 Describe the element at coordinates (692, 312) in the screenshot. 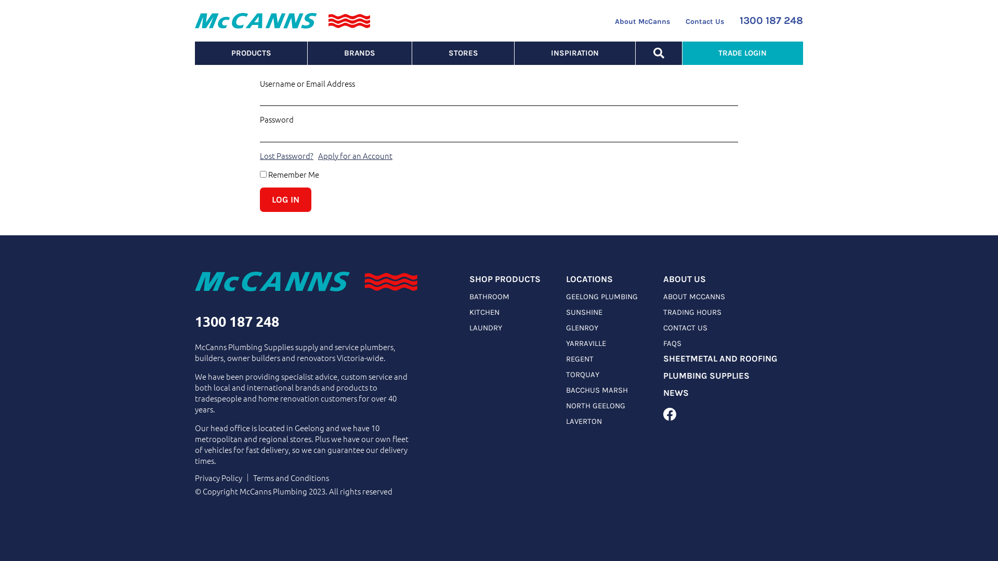

I see `'TRADING HOURS'` at that location.